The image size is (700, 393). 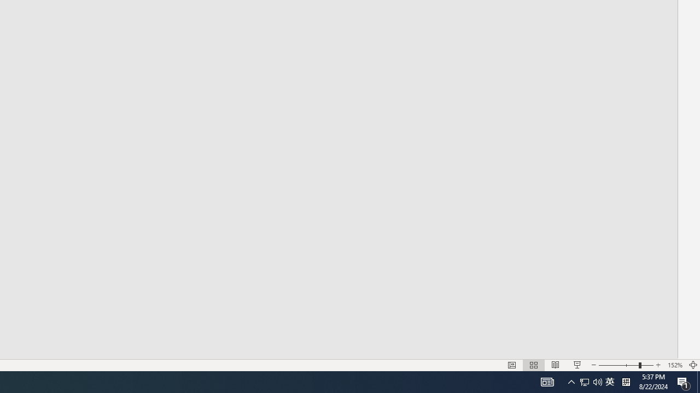 I want to click on 'Zoom 152%', so click(x=674, y=365).